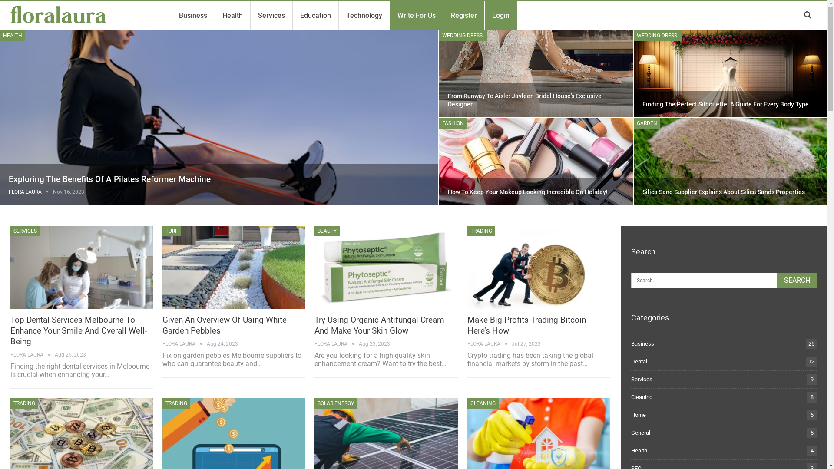 The image size is (834, 469). What do you see at coordinates (631, 414) in the screenshot?
I see `'Home` at bounding box center [631, 414].